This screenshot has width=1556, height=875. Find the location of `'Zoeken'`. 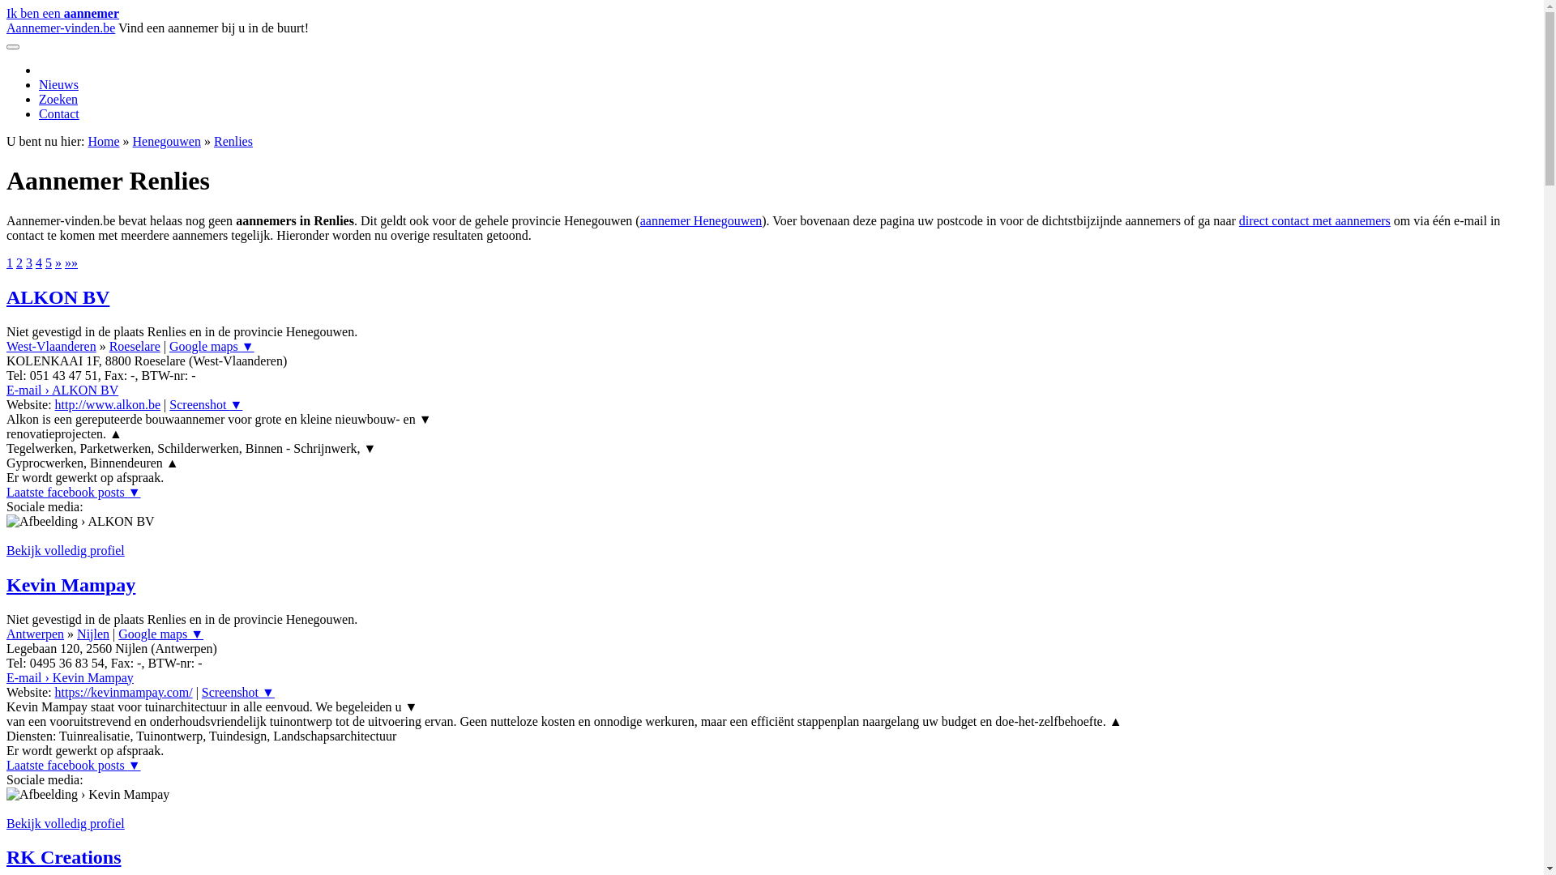

'Zoeken' is located at coordinates (58, 99).